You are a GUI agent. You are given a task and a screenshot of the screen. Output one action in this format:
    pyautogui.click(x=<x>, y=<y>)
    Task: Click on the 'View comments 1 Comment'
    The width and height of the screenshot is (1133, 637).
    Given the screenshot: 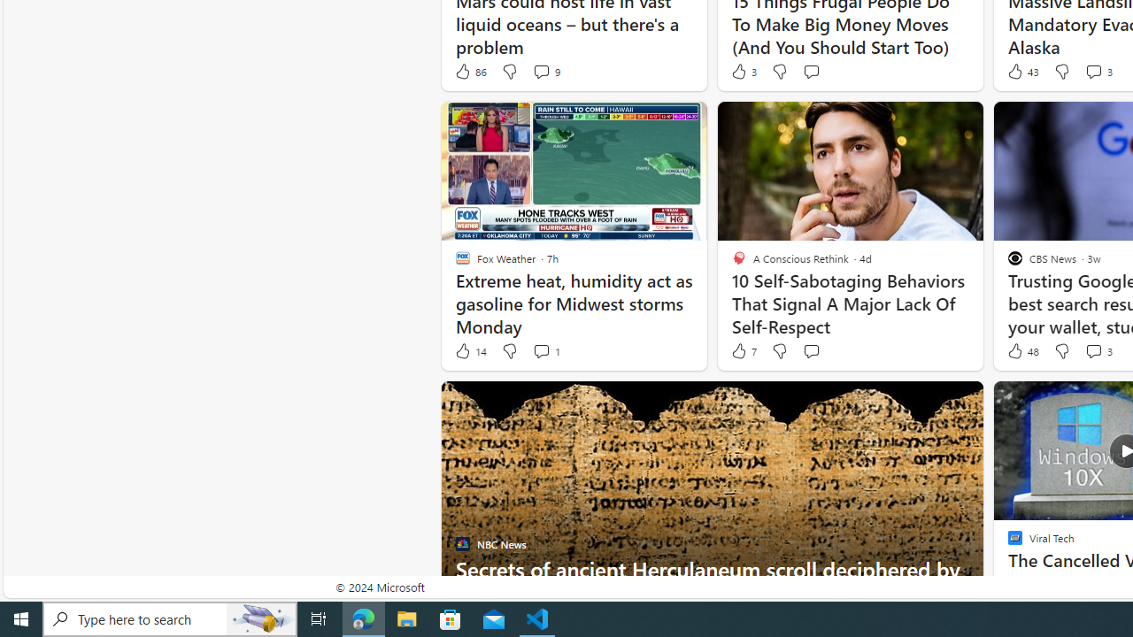 What is the action you would take?
    pyautogui.click(x=540, y=351)
    